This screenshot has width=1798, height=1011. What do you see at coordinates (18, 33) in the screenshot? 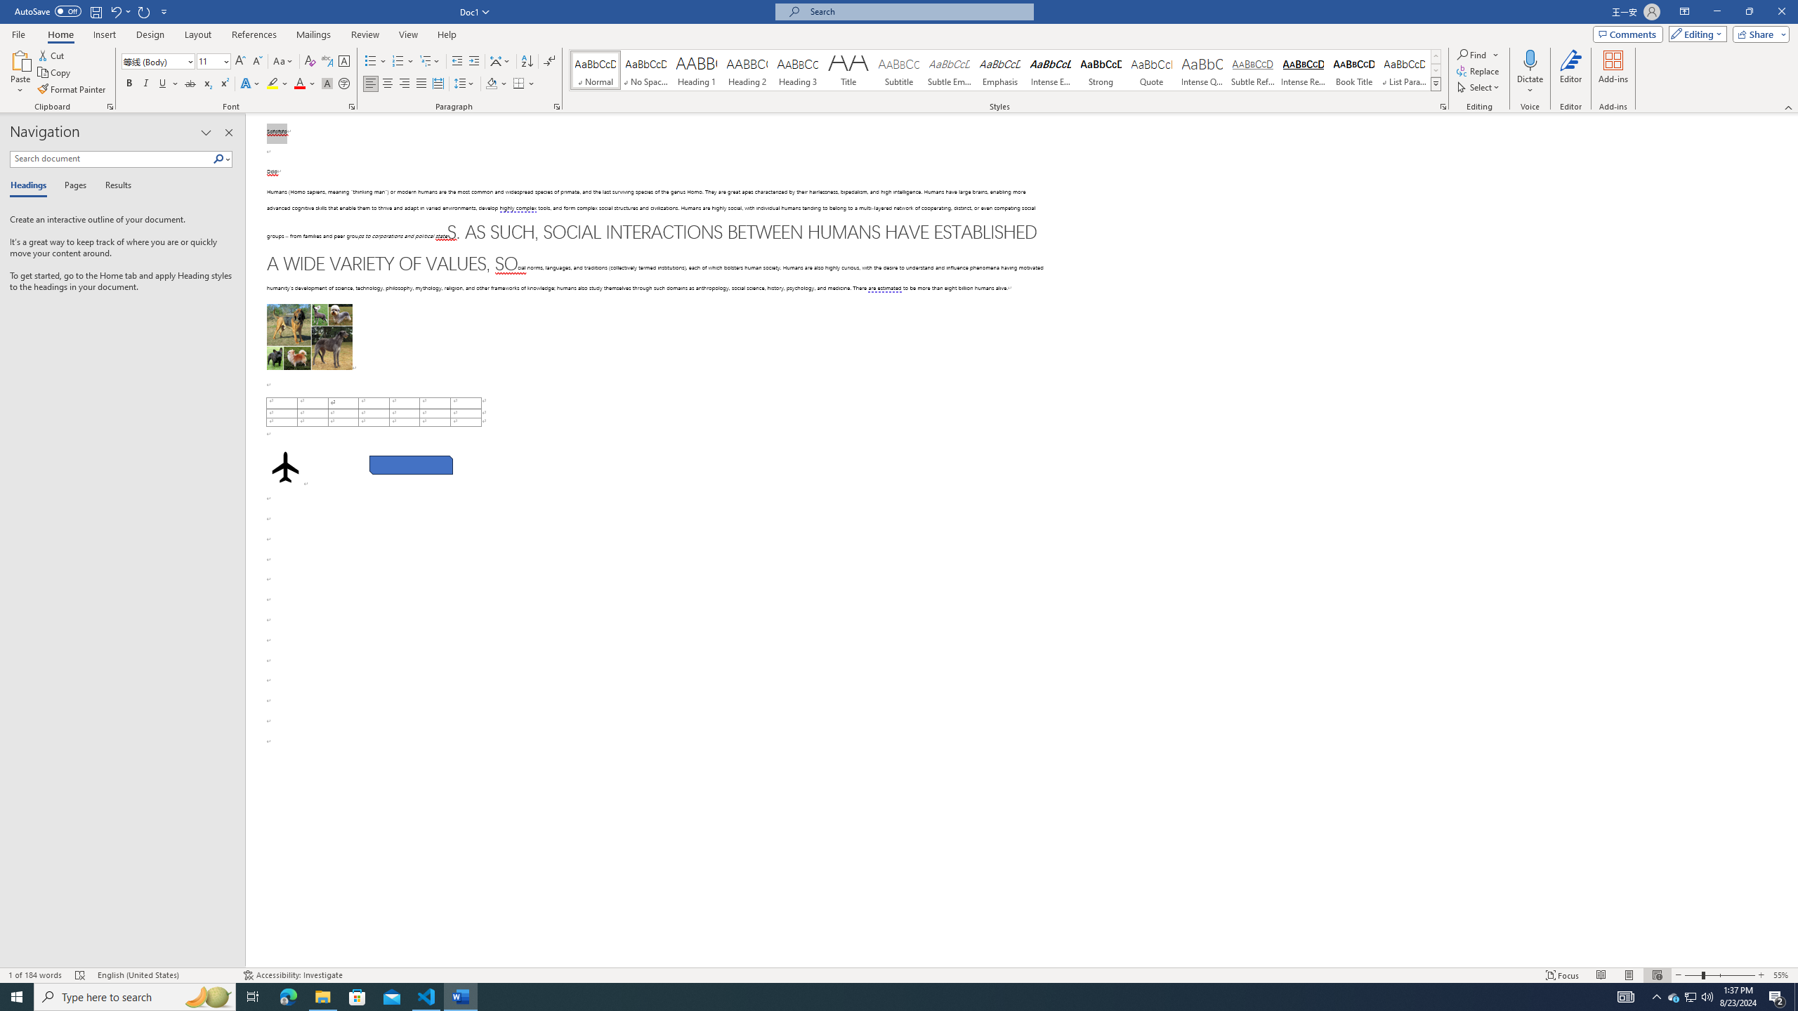
I see `'File Tab'` at bounding box center [18, 33].